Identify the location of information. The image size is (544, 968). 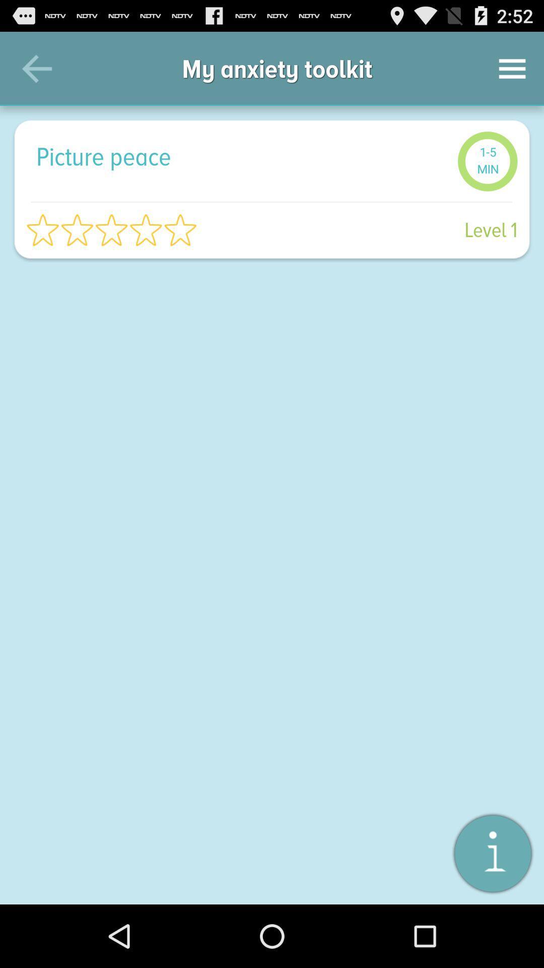
(492, 853).